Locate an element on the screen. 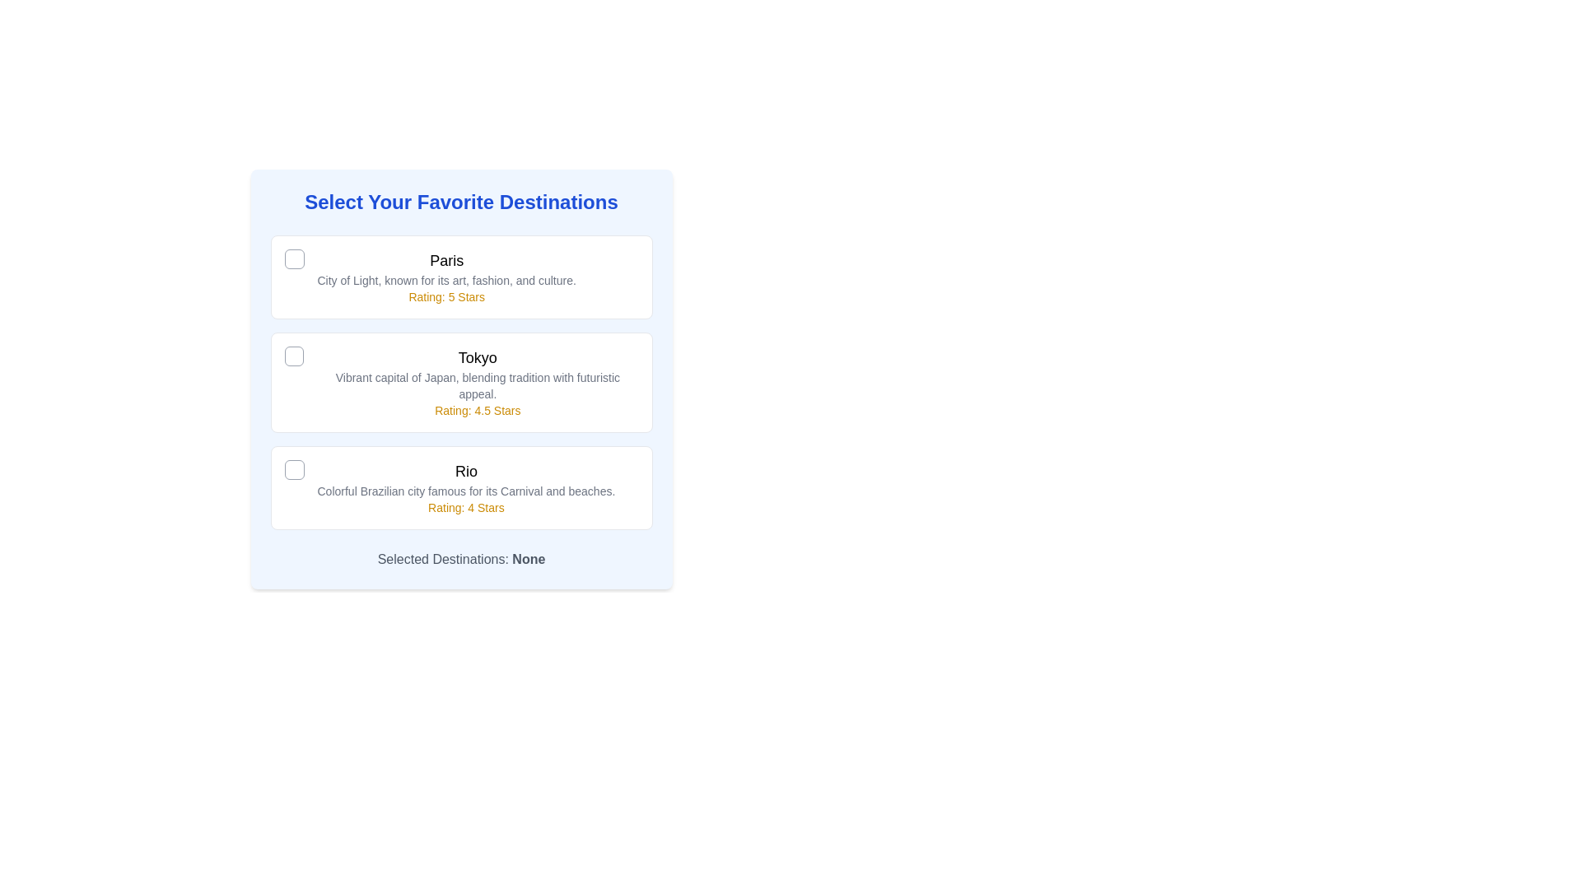  the rating of the travel destination displayed in the text block located centrally within the first box, below the circular checkbox icon is located at coordinates (446, 276).